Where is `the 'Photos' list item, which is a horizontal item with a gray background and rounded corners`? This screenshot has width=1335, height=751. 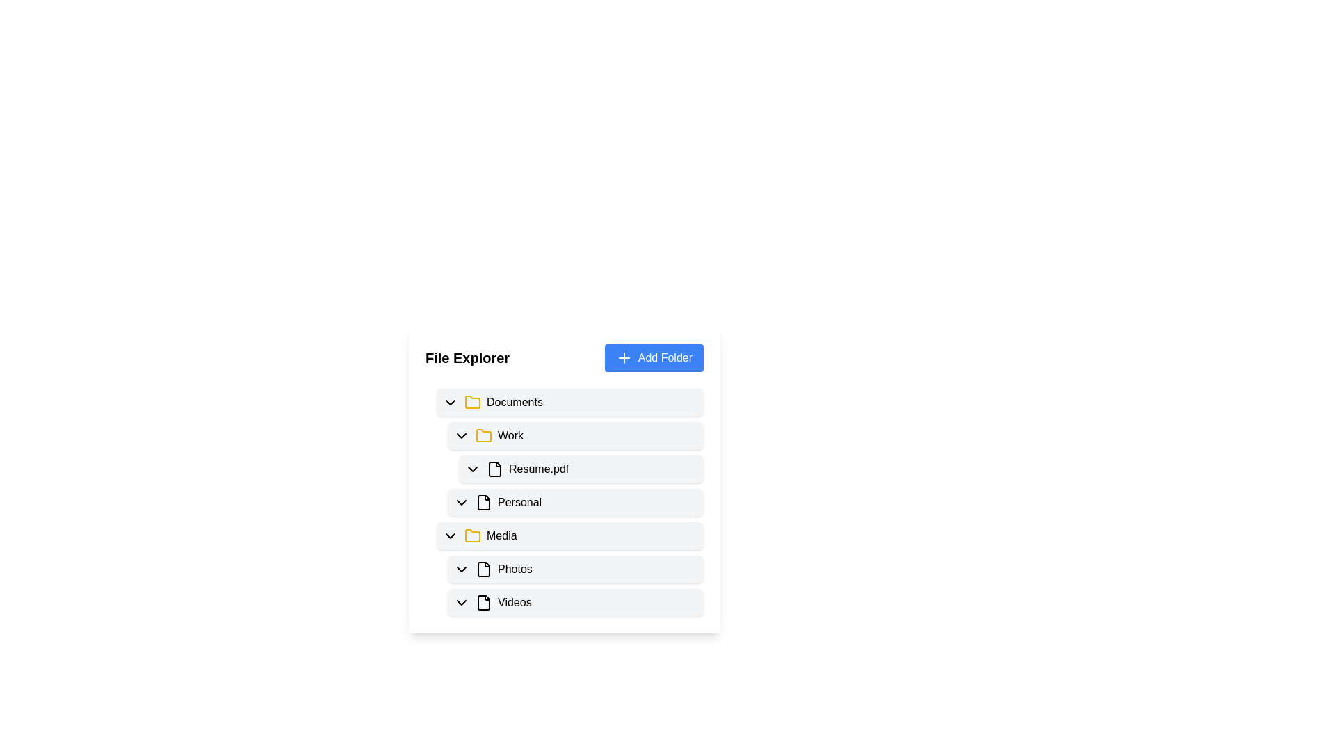 the 'Photos' list item, which is a horizontal item with a gray background and rounded corners is located at coordinates (570, 566).